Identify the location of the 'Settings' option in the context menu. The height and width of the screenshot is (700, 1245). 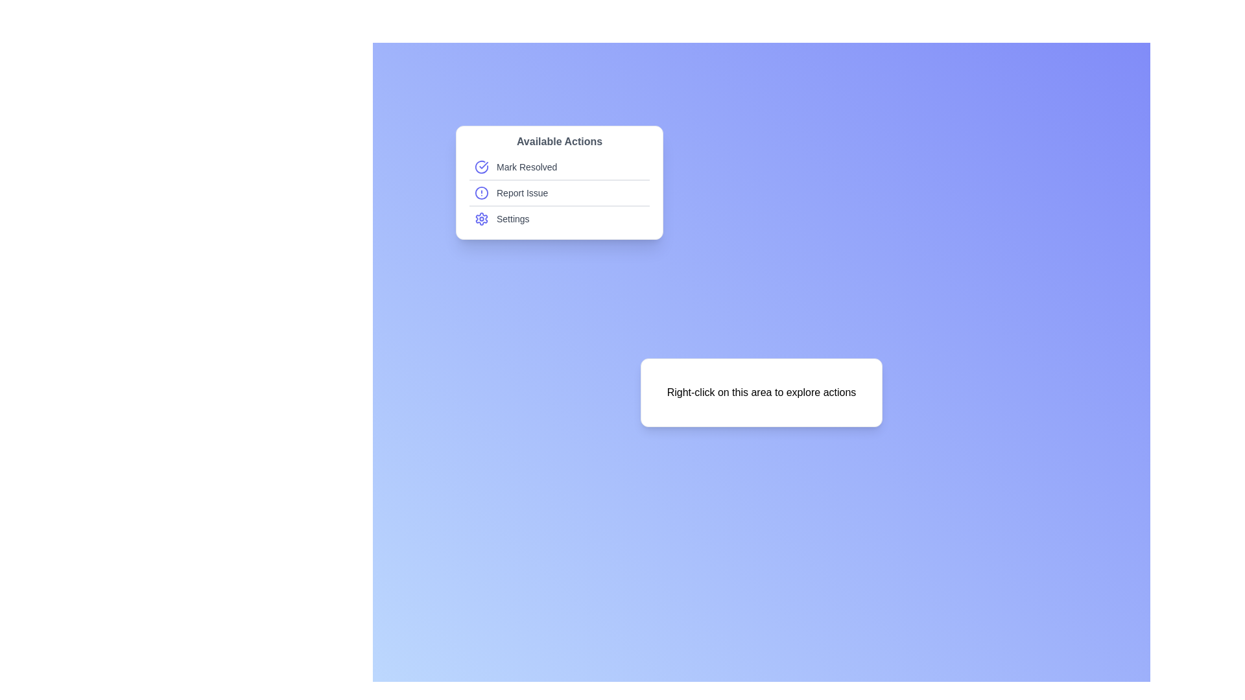
(560, 218).